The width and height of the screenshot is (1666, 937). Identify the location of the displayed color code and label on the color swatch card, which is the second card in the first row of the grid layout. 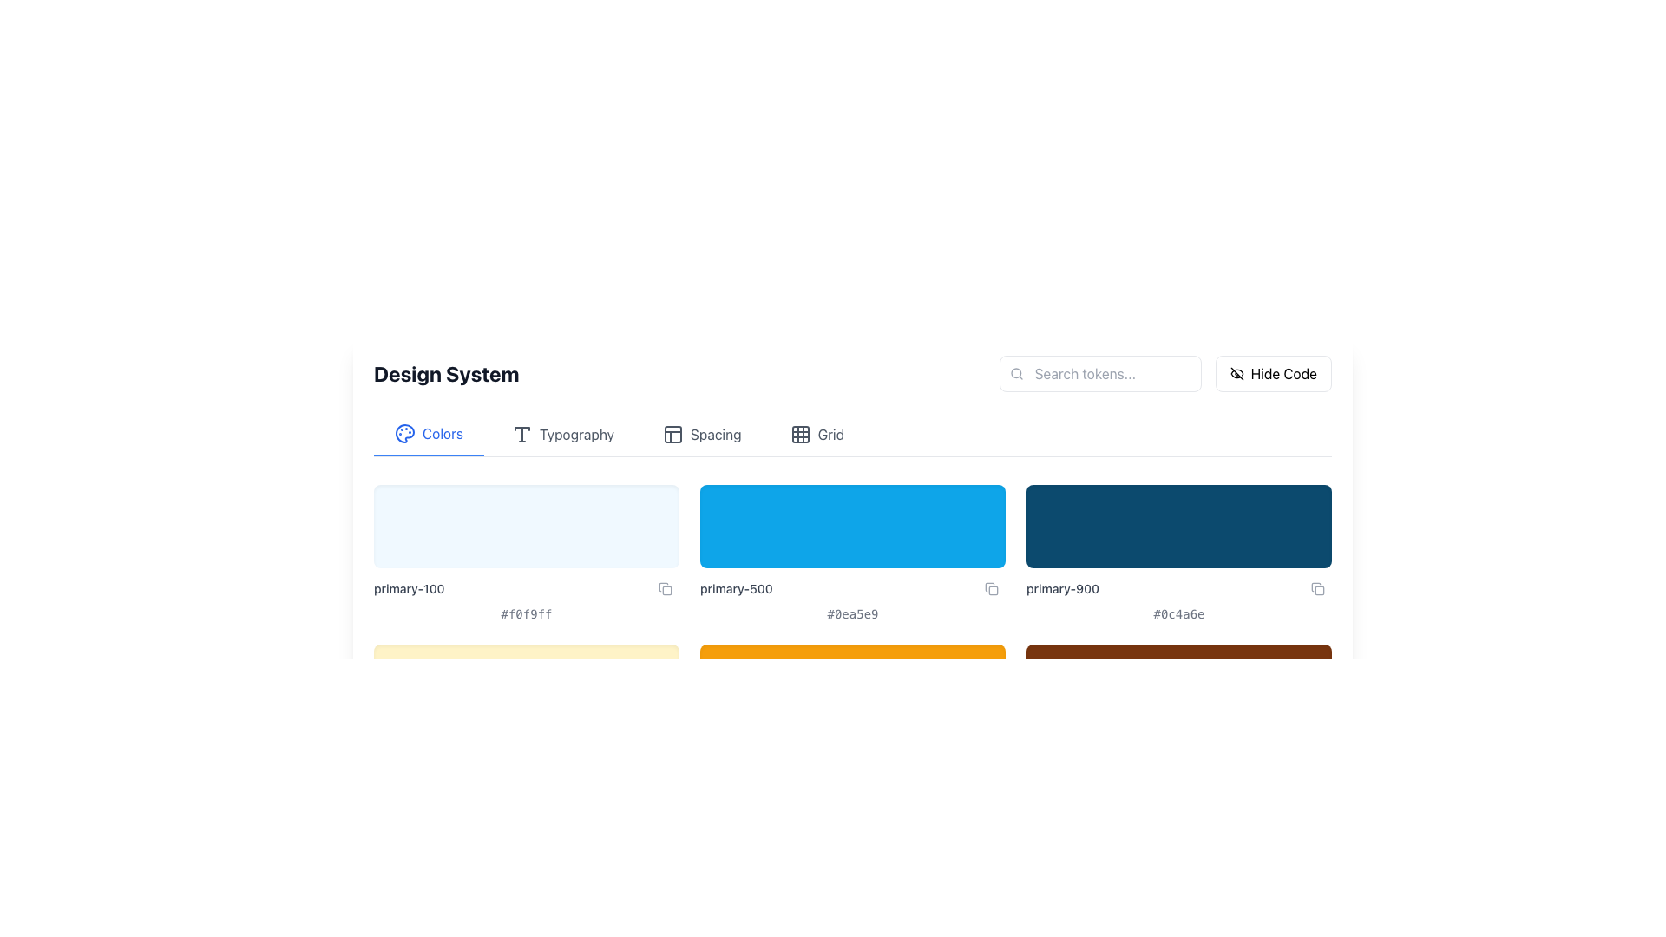
(853, 554).